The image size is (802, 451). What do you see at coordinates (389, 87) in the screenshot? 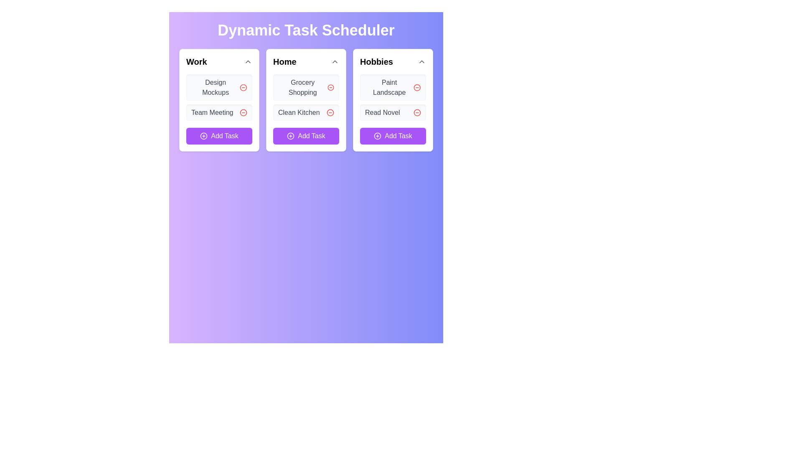
I see `the Text label displaying 'Paint Landscape' in the Hobbies card of the task scheduler, which is the first item listed among the tasks` at bounding box center [389, 87].